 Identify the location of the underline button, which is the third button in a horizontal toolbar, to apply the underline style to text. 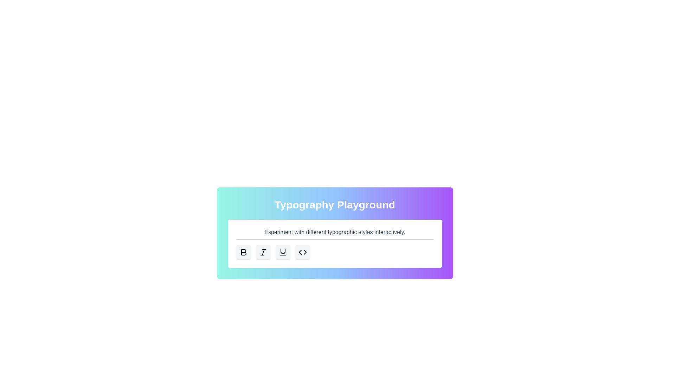
(283, 252).